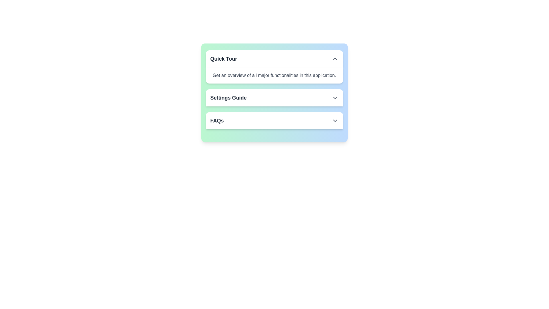 This screenshot has width=549, height=309. What do you see at coordinates (274, 120) in the screenshot?
I see `the third interactive item labeled 'FAQs'` at bounding box center [274, 120].